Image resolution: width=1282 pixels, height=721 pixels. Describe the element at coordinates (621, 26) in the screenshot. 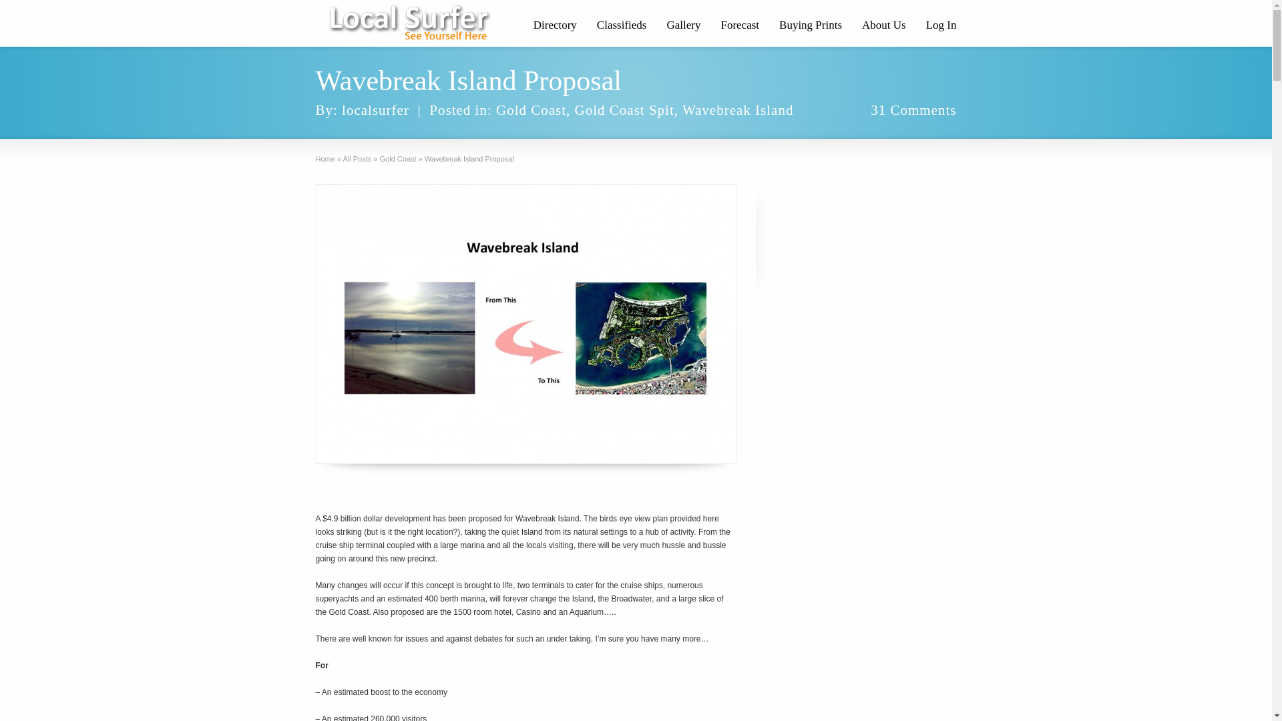

I see `'Classifieds'` at that location.